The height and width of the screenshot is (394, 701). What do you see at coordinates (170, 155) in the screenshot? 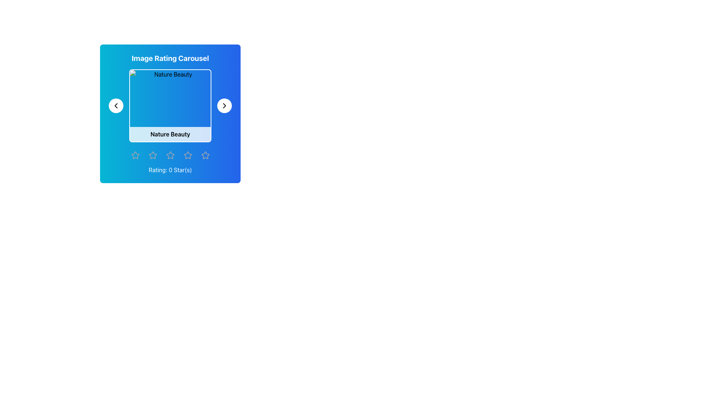
I see `the third star in the star rating component for 'Nature Beauty'` at bounding box center [170, 155].